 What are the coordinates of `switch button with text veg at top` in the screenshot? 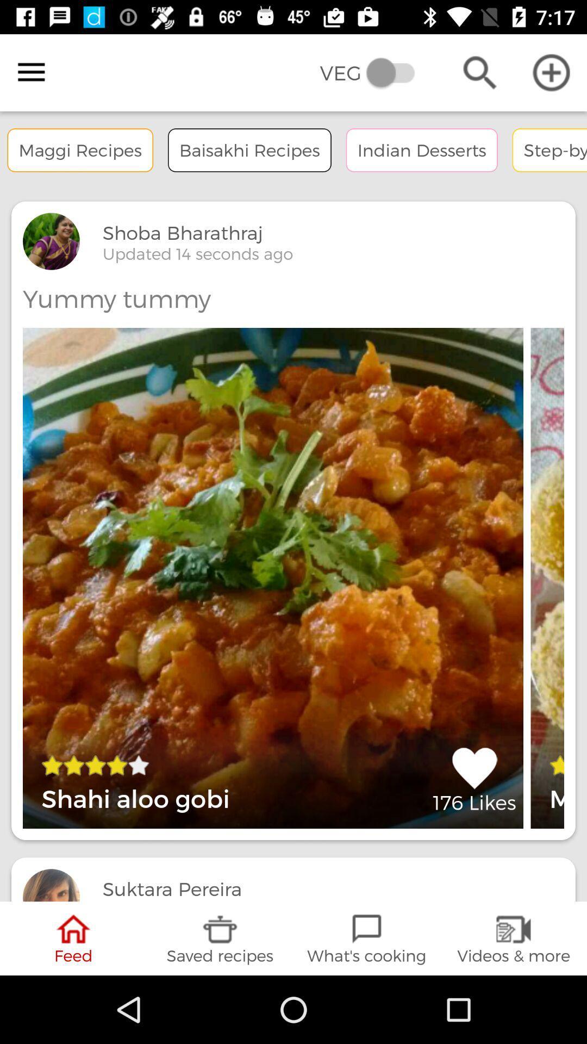 It's located at (374, 72).